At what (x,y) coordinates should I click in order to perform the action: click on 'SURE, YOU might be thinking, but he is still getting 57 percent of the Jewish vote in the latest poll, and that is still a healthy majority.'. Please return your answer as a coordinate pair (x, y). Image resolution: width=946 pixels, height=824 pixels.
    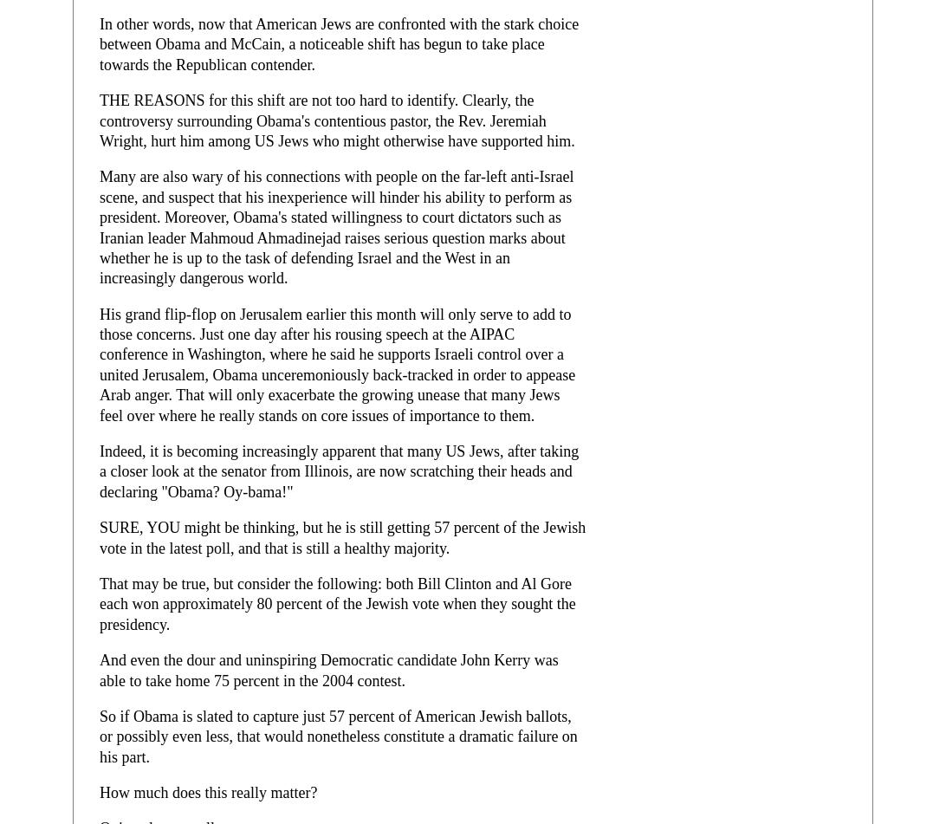
    Looking at the image, I should click on (342, 536).